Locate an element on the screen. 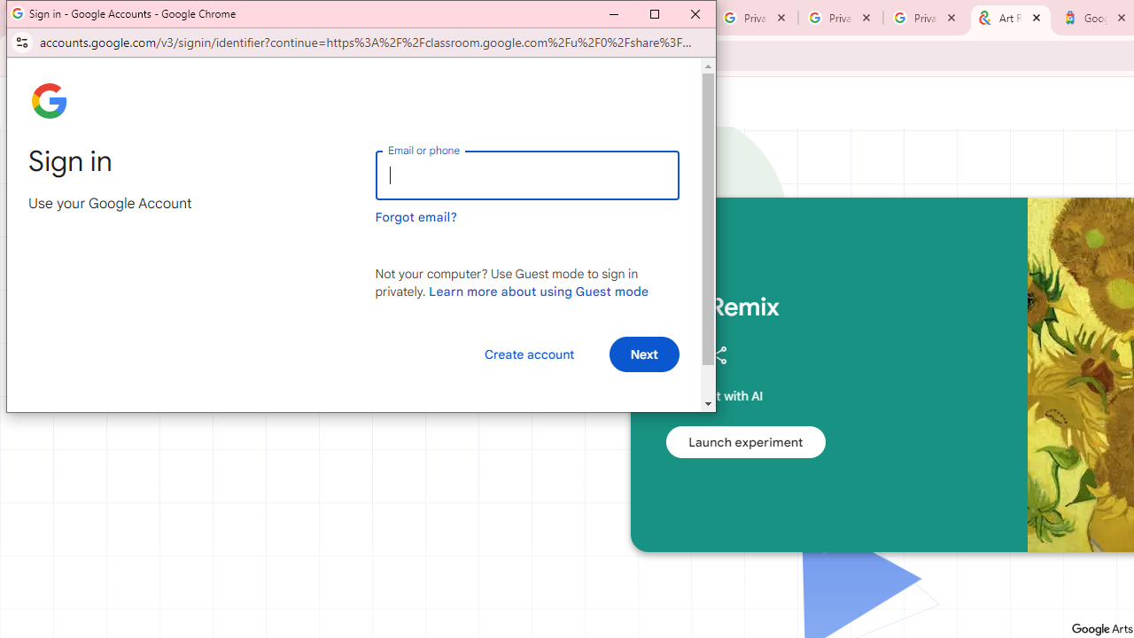 This screenshot has width=1134, height=638. 'Maximize' is located at coordinates (653, 14).